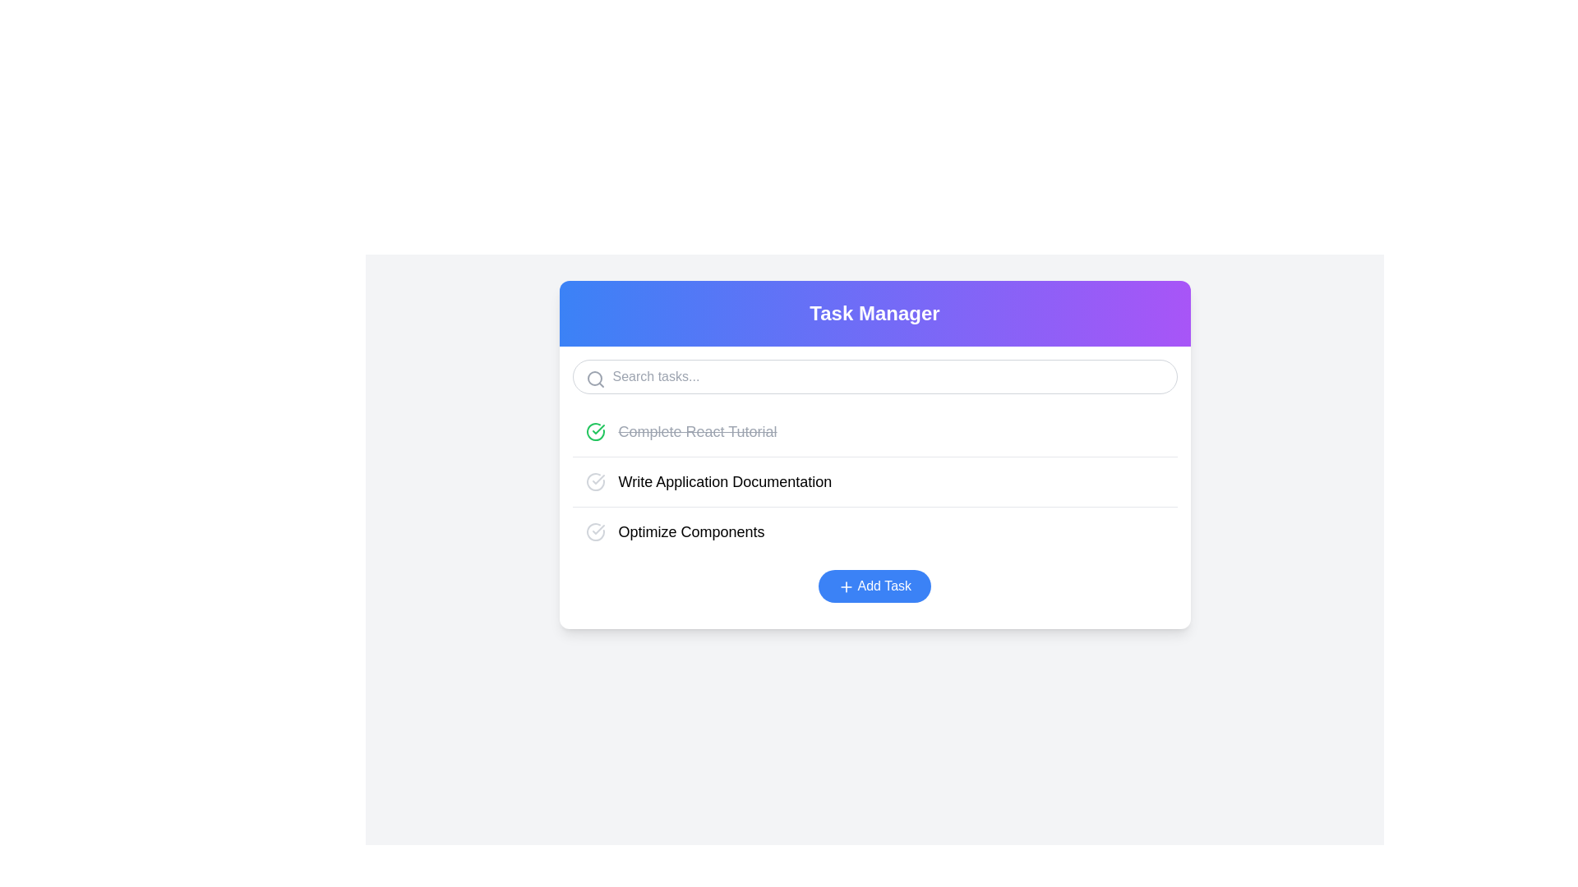  What do you see at coordinates (698, 430) in the screenshot?
I see `the text label displaying 'Complete React Tutorial' with a line-through styling, indicating it is completed` at bounding box center [698, 430].